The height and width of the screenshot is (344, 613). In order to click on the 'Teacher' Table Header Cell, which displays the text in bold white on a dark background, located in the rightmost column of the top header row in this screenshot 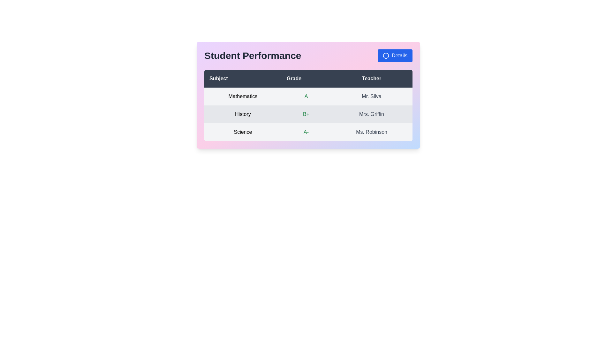, I will do `click(372, 78)`.